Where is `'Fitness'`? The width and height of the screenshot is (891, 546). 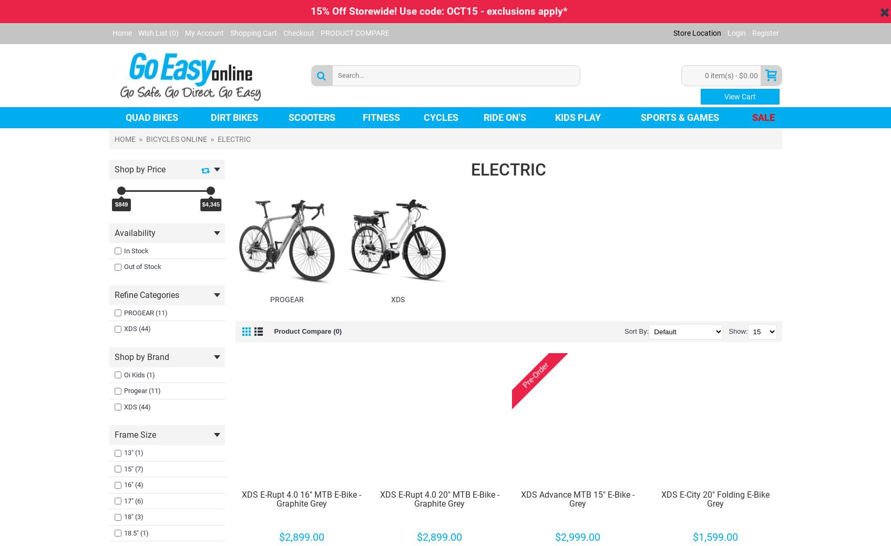 'Fitness' is located at coordinates (363, 117).